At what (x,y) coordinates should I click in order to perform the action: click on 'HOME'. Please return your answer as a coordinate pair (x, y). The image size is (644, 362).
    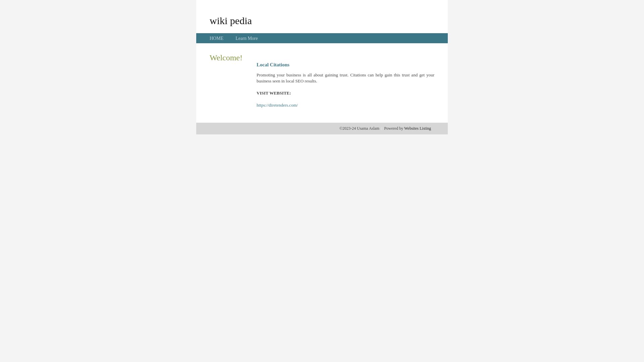
    Looking at the image, I should click on (209, 38).